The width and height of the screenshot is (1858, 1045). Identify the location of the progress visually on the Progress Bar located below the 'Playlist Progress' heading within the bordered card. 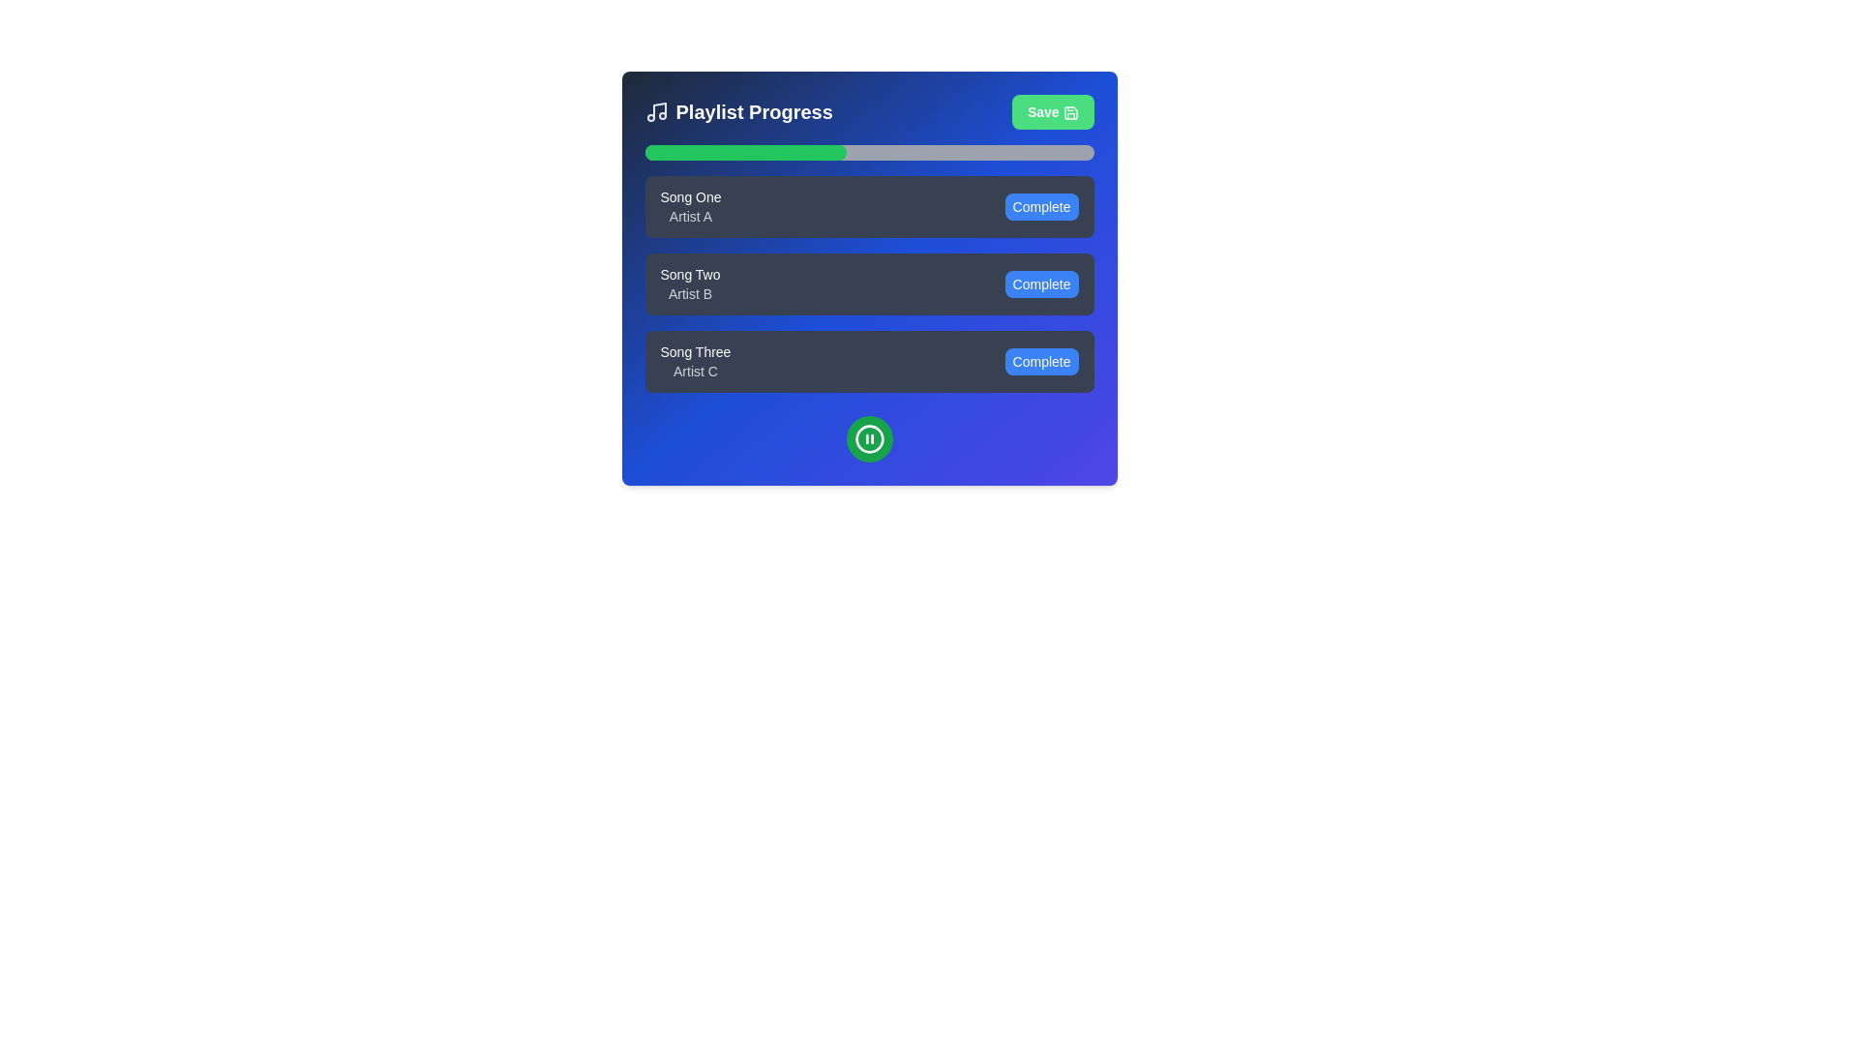
(868, 152).